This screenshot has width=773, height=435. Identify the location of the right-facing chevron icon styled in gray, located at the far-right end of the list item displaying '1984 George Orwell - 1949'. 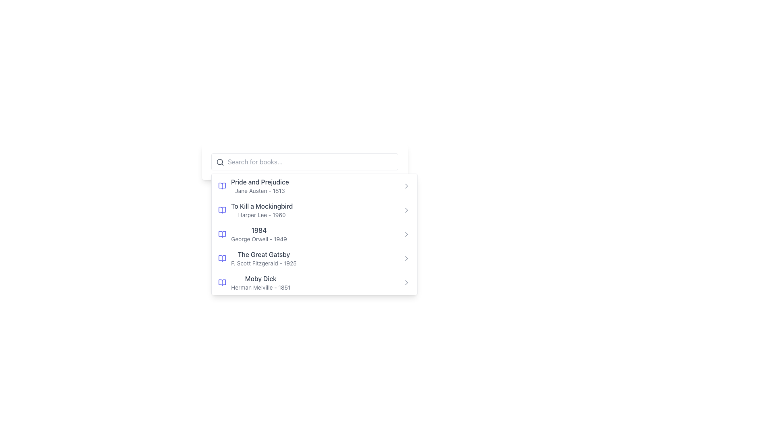
(406, 234).